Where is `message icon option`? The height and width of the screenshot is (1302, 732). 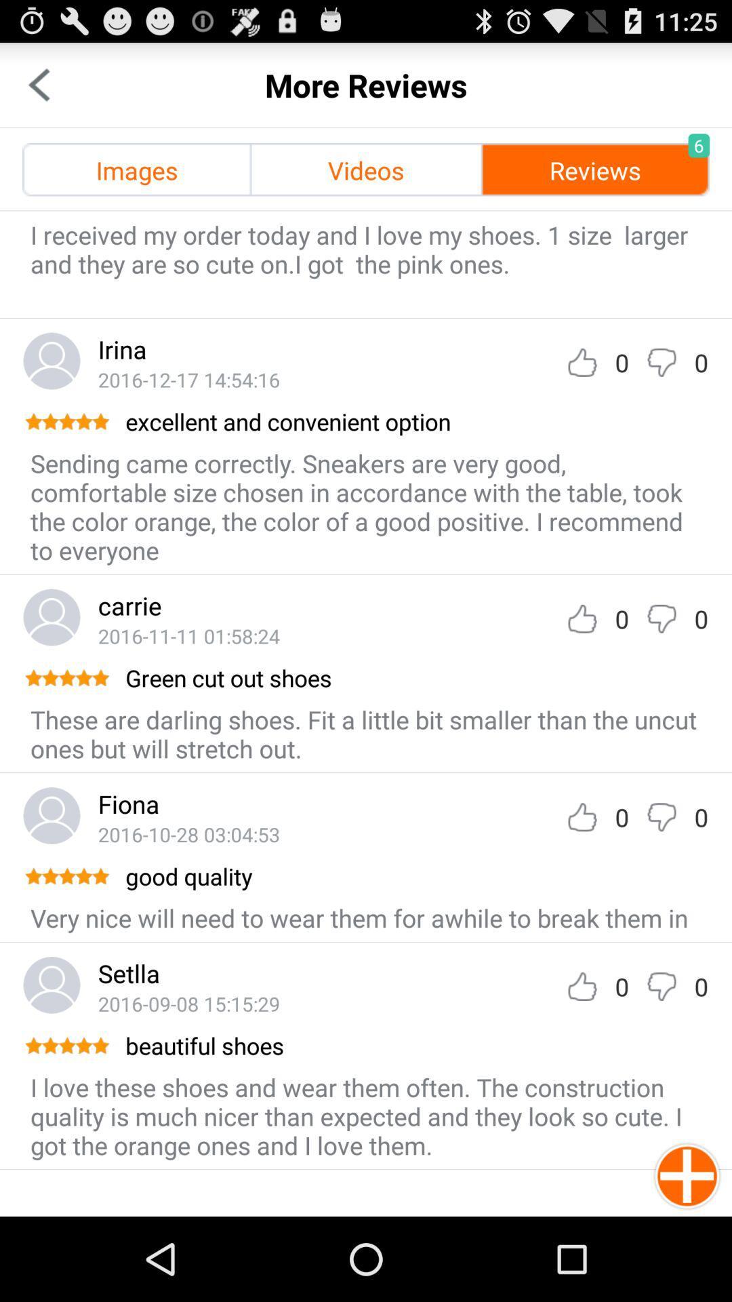
message icon option is located at coordinates (661, 618).